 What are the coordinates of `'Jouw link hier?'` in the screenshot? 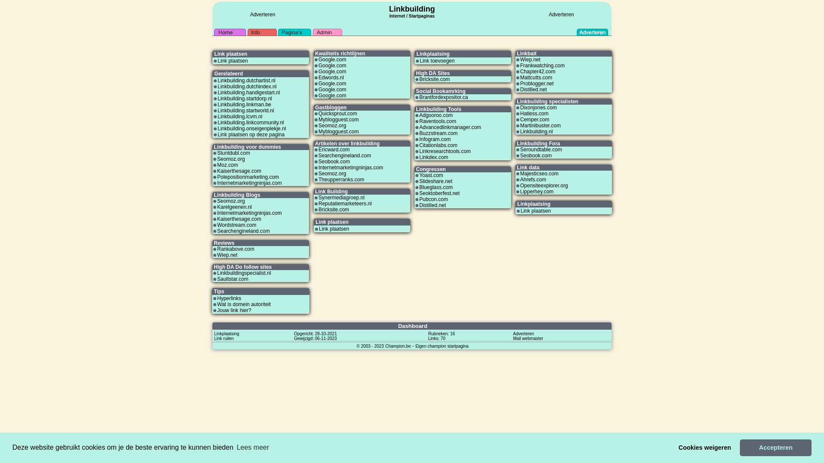 It's located at (234, 310).